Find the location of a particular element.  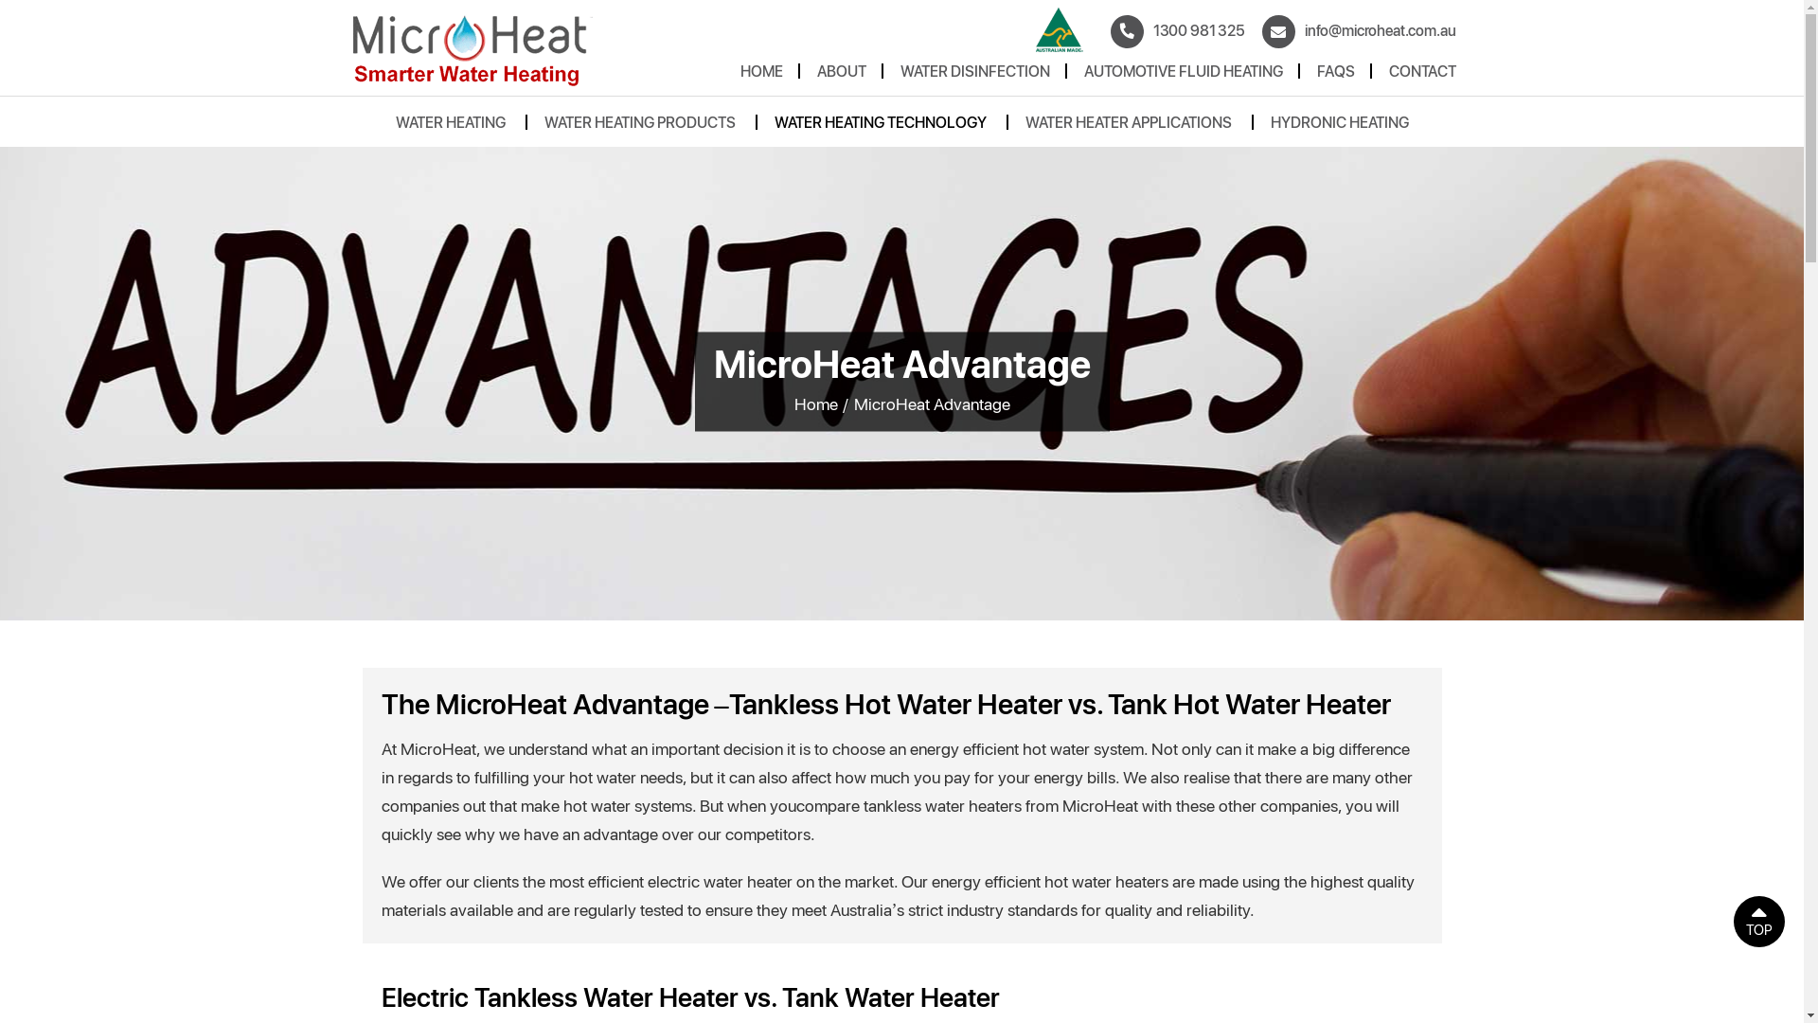

'Home' is located at coordinates (814, 402).